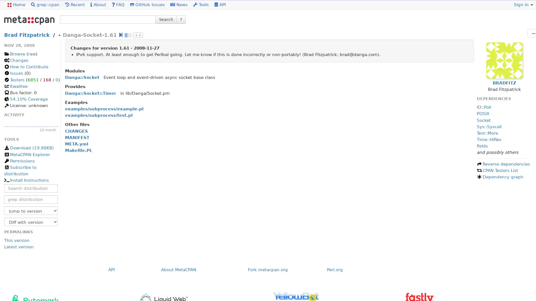  I want to click on Install Instructions, so click(26, 180).